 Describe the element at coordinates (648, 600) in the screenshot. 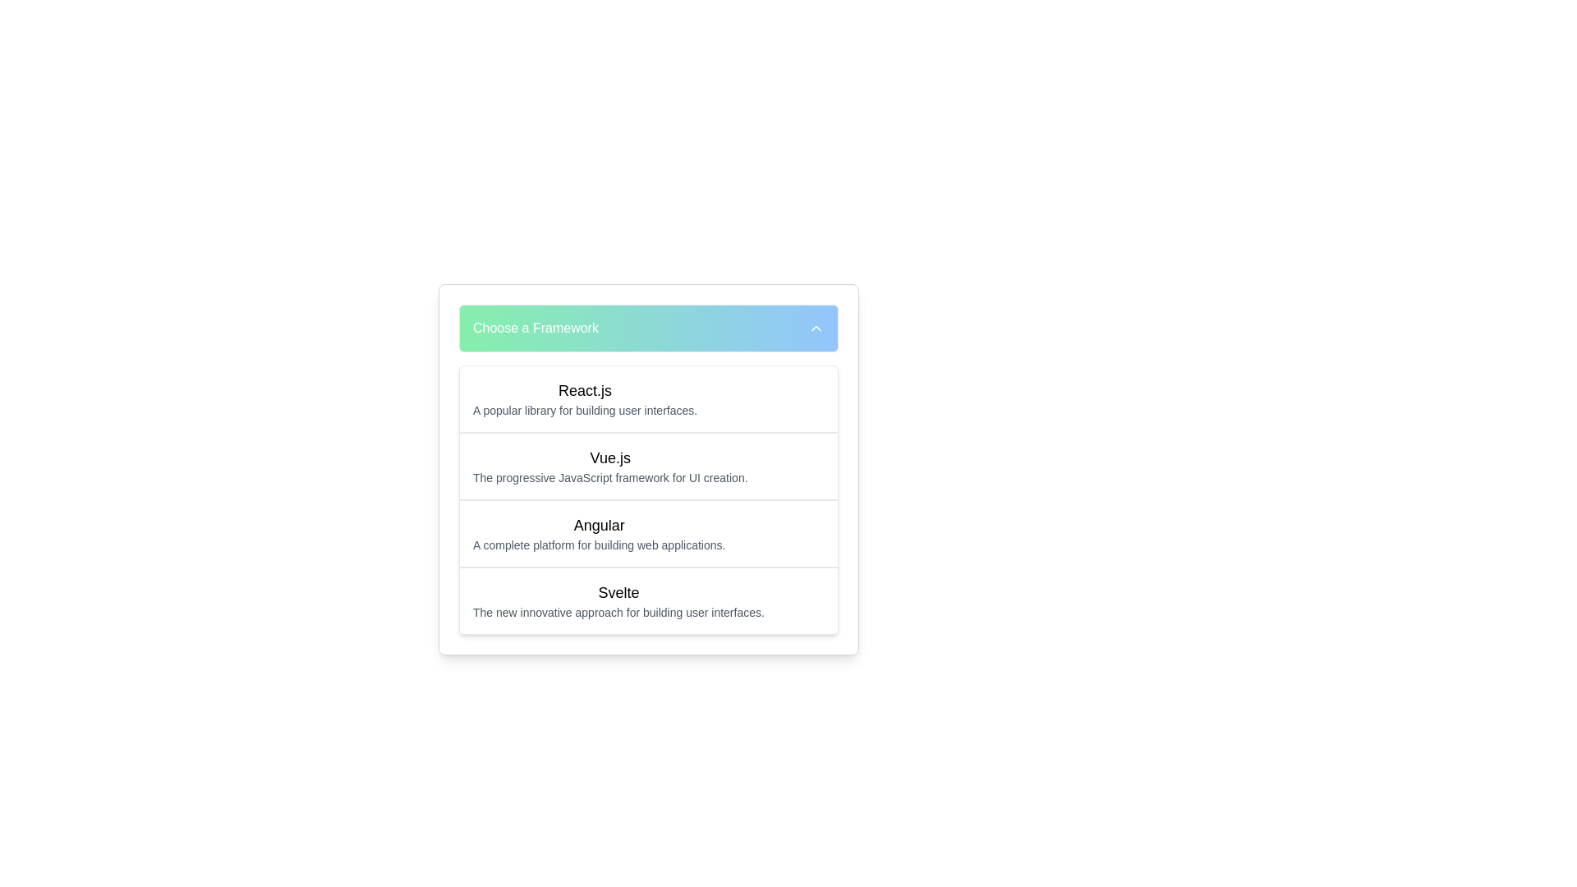

I see `the last list item that provides information about 'Svelte', located beneath the title 'Angular'` at that location.